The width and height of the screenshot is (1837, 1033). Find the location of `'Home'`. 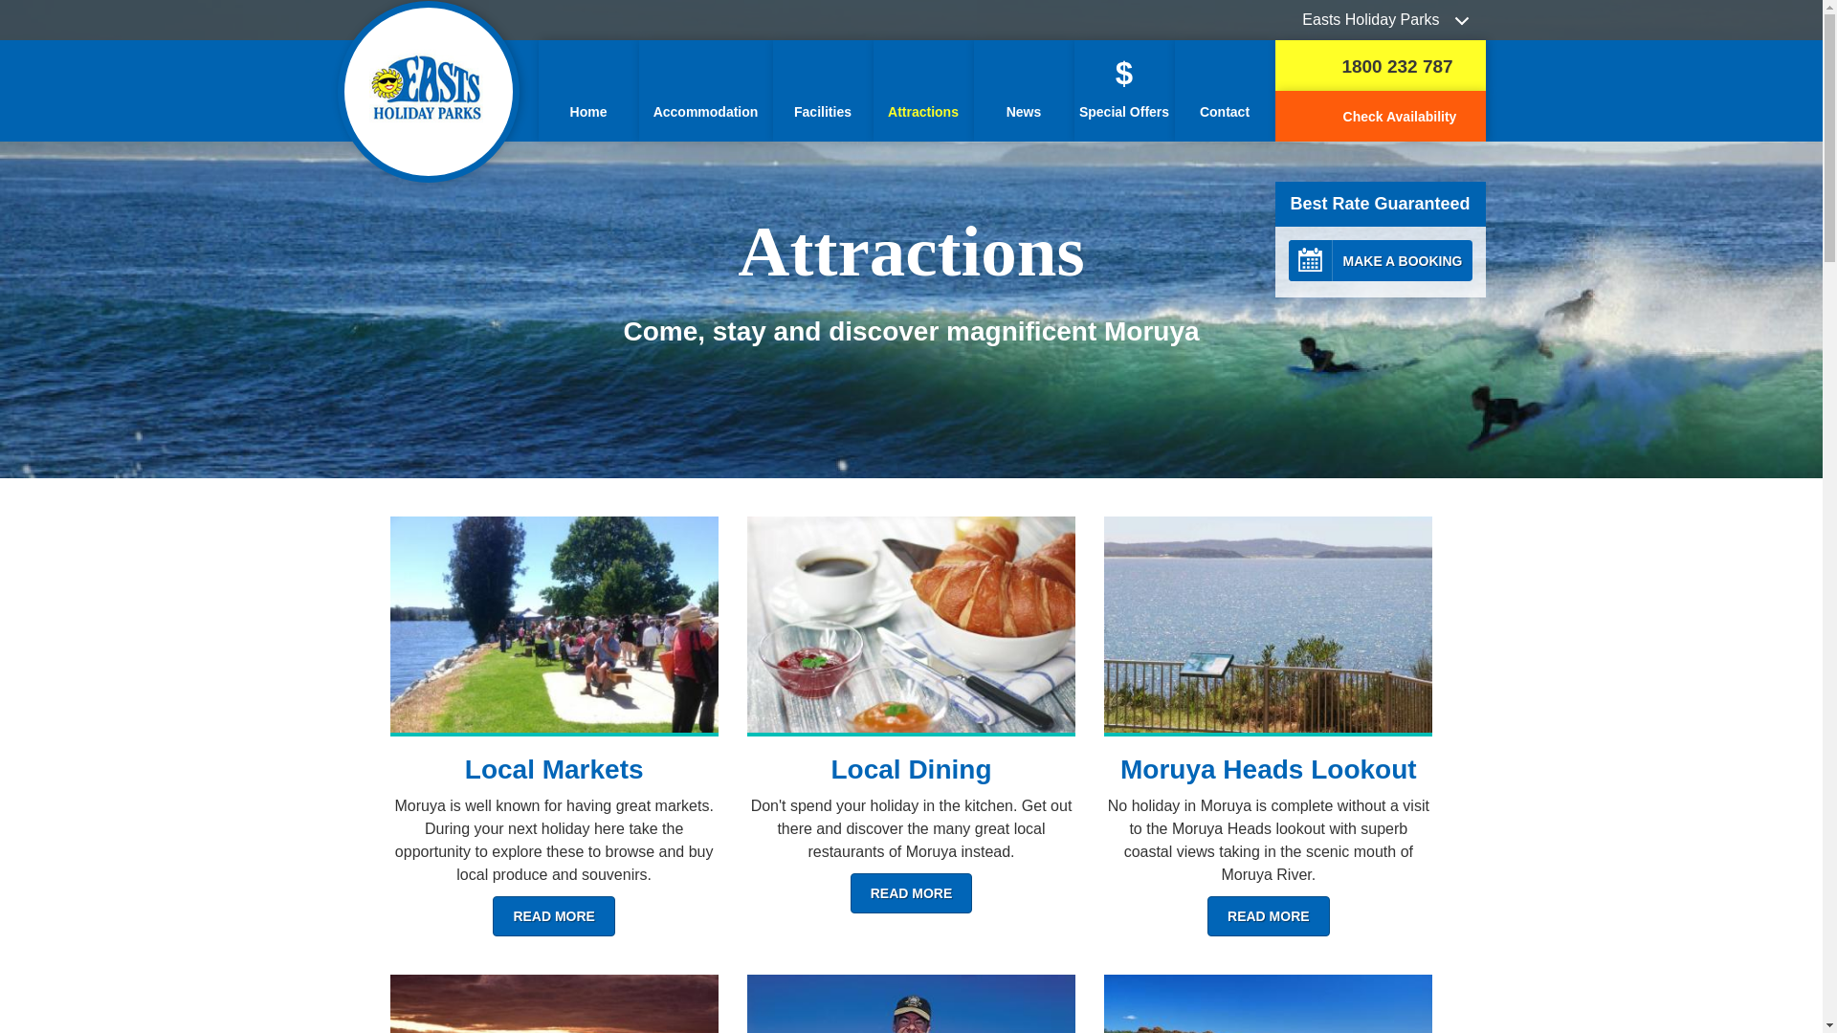

'Home' is located at coordinates (587, 91).